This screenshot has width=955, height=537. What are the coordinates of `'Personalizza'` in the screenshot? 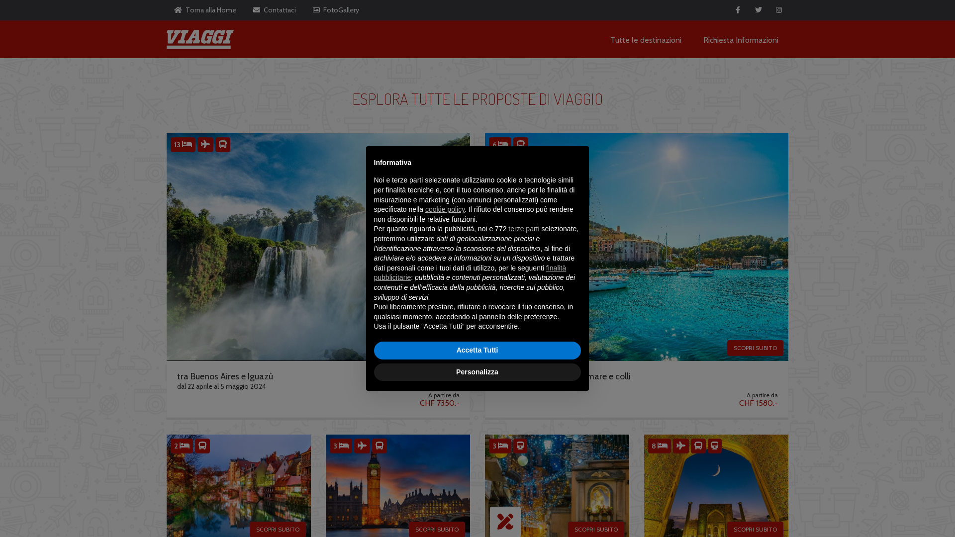 It's located at (477, 372).